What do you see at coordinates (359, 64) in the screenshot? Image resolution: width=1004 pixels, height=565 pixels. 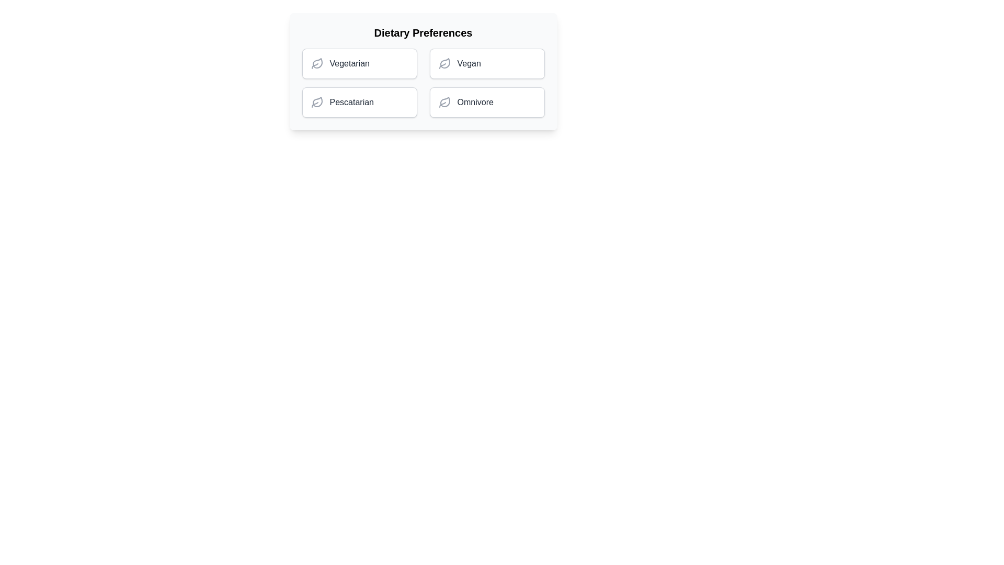 I see `the white rectangular button with rounded edges labeled 'Vegetarian', which has a gray leaf icon to the left of the text` at bounding box center [359, 64].